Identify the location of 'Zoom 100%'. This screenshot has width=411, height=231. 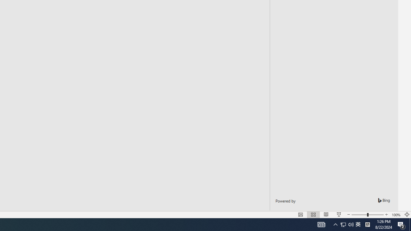
(396, 215).